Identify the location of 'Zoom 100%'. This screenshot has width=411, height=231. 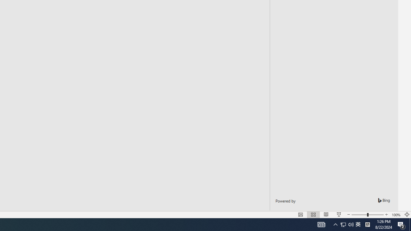
(396, 215).